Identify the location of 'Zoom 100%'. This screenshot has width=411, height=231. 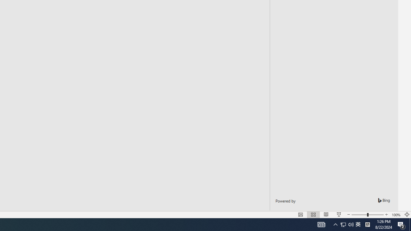
(396, 215).